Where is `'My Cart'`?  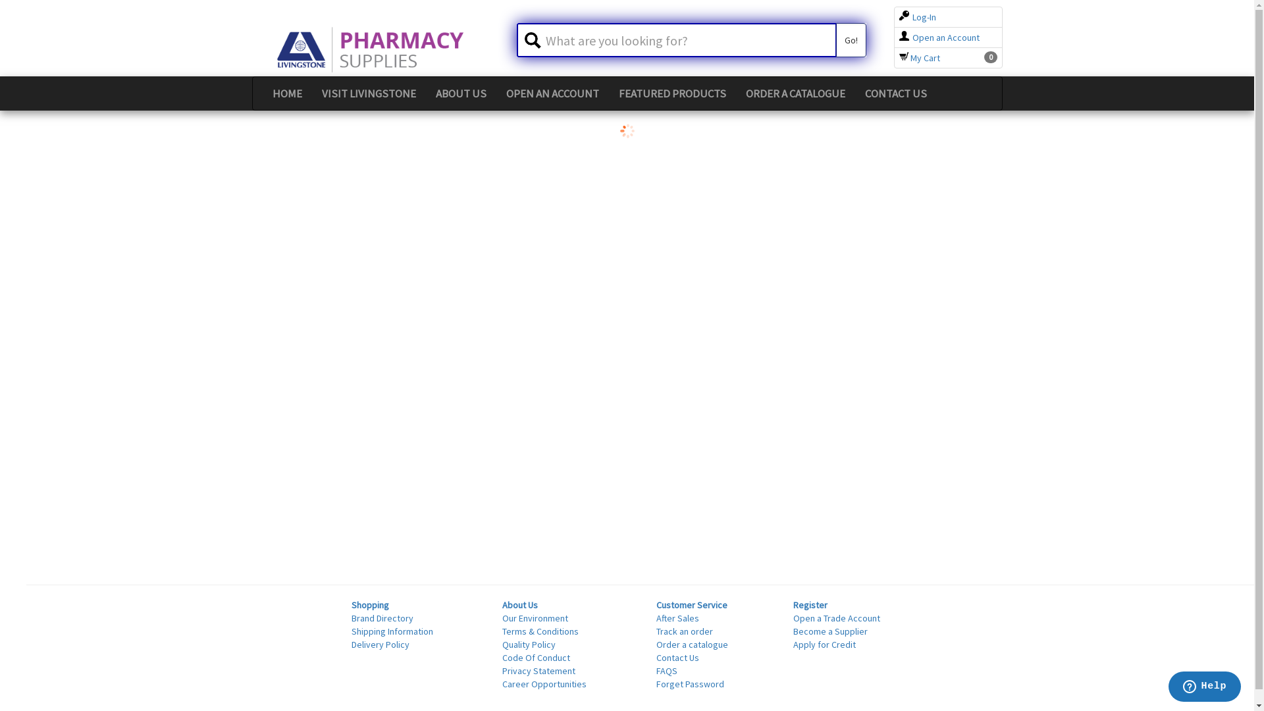
'My Cart' is located at coordinates (918, 57).